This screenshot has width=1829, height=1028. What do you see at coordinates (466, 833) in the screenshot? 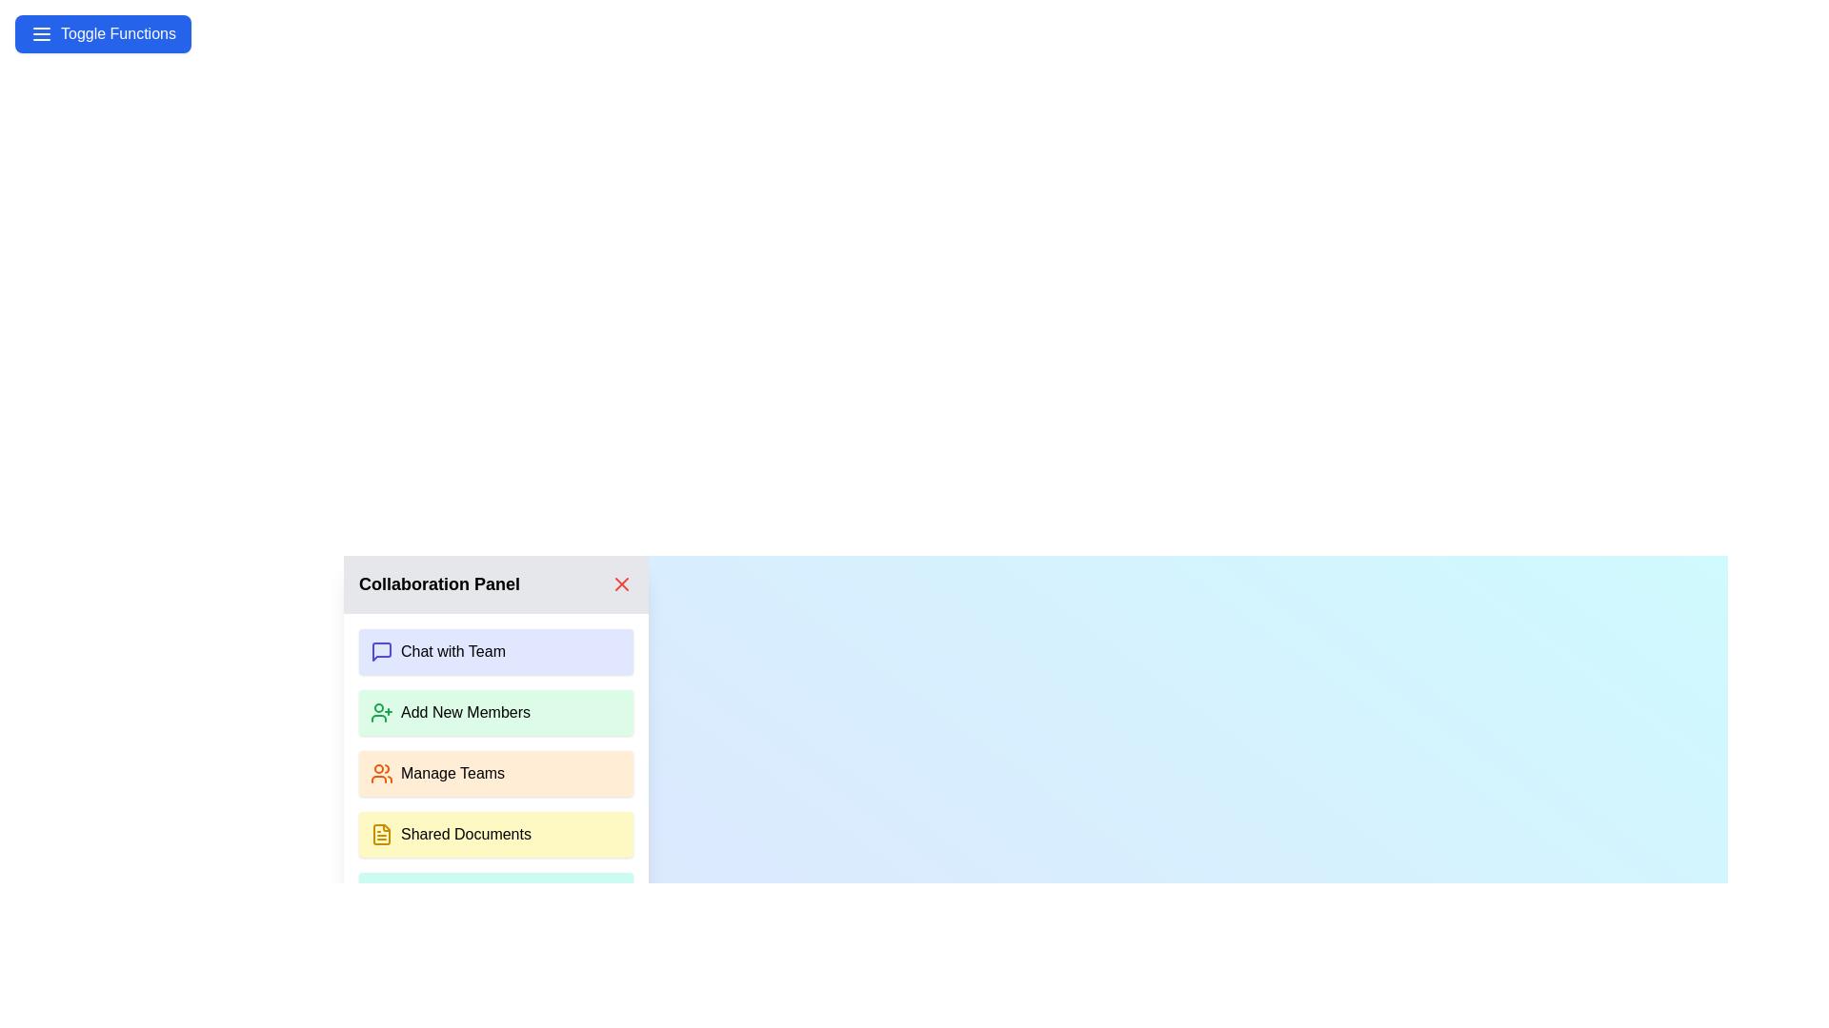
I see `the 'Shared Documents' text label in the Collaboration Panel, which is located towards the bottom and aligns center horizontally` at bounding box center [466, 833].